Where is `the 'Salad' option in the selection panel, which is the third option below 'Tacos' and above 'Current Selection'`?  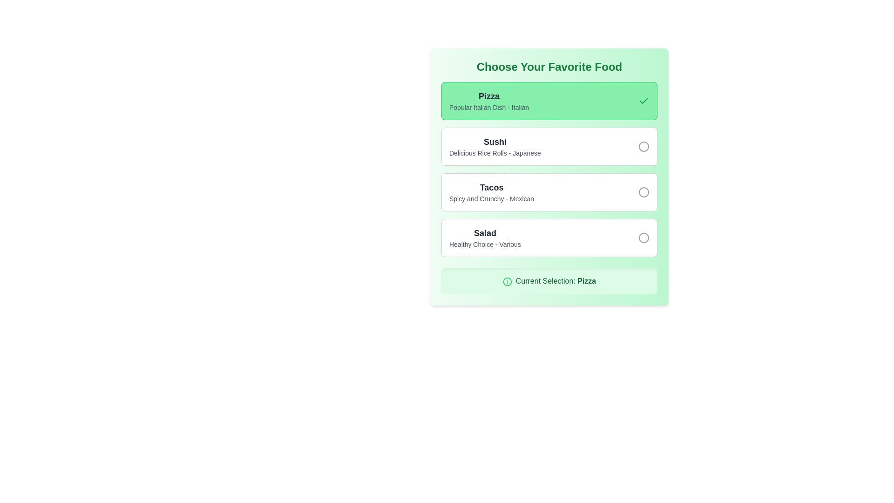 the 'Salad' option in the selection panel, which is the third option below 'Tacos' and above 'Current Selection' is located at coordinates (484, 237).